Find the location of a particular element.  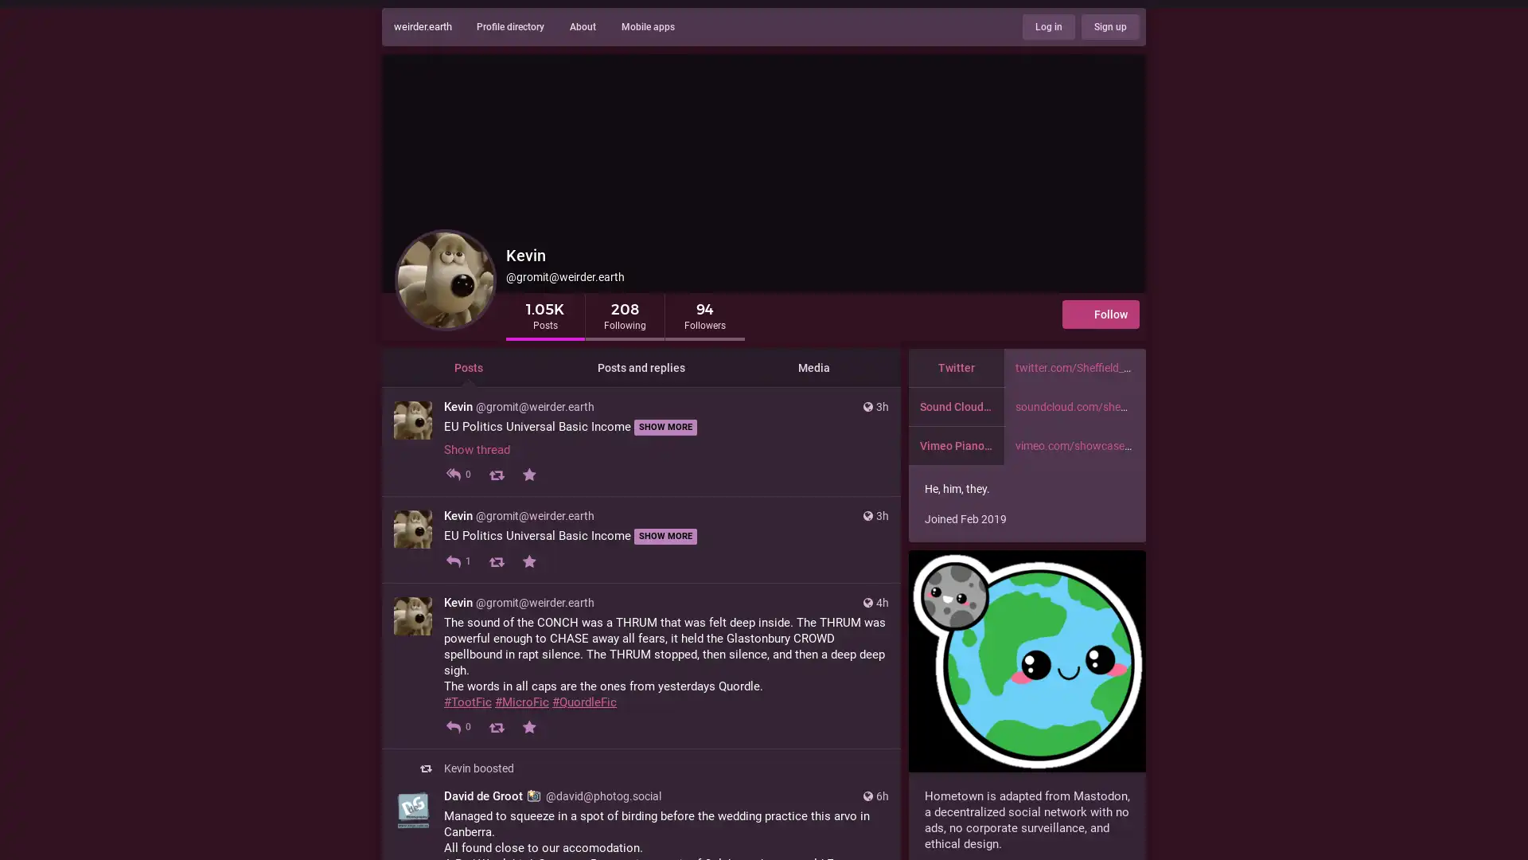

SHOW MORE is located at coordinates (665, 426).